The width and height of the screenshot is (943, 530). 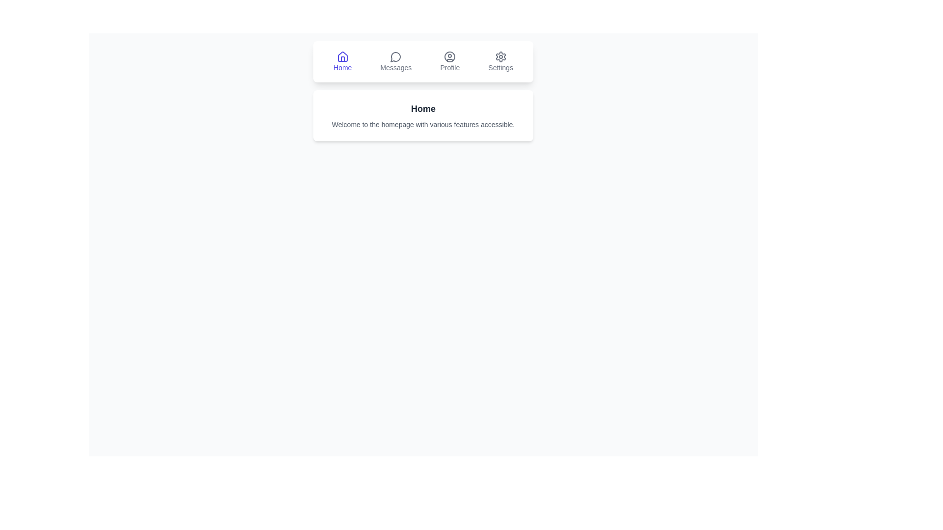 What do you see at coordinates (449, 62) in the screenshot?
I see `the tab labeled Profile to view its description` at bounding box center [449, 62].